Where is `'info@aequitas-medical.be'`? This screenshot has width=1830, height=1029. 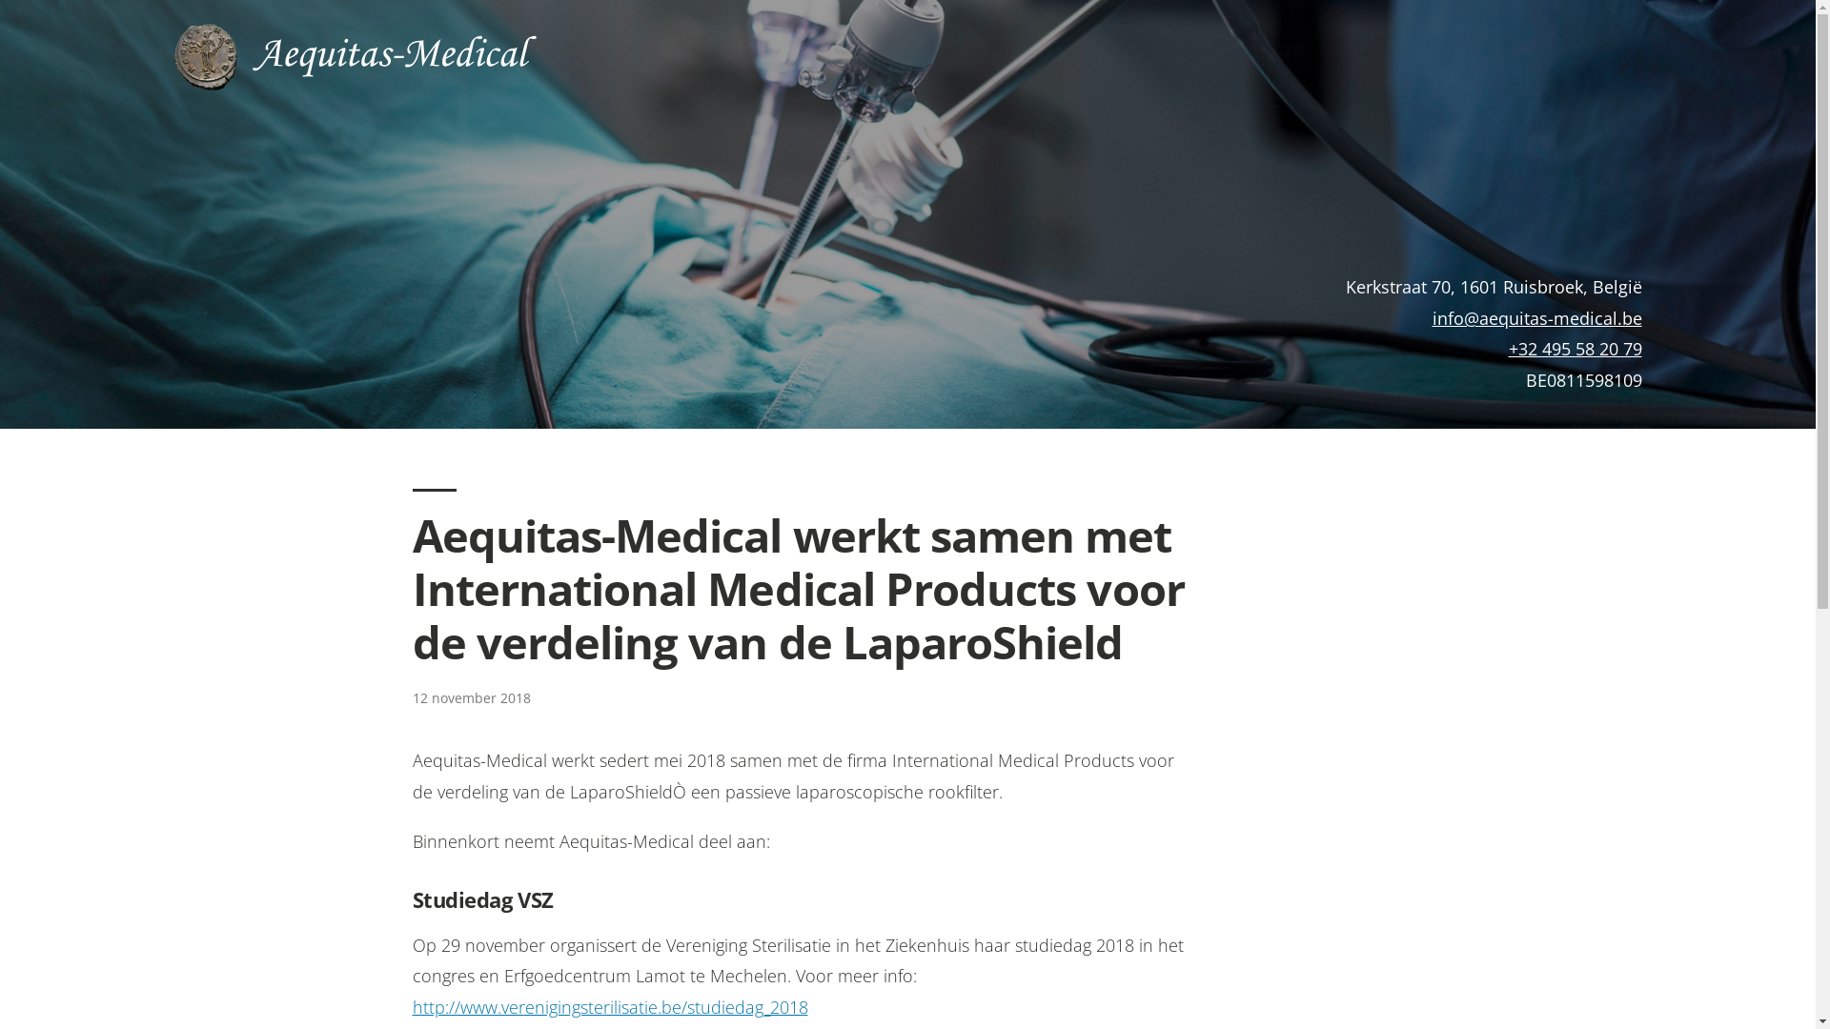 'info@aequitas-medical.be' is located at coordinates (1536, 317).